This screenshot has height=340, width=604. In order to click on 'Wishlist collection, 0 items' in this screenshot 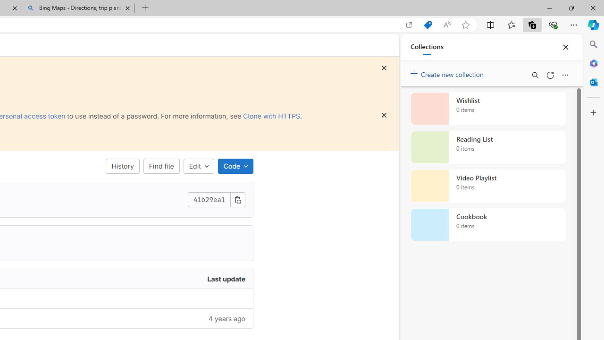, I will do `click(488, 108)`.